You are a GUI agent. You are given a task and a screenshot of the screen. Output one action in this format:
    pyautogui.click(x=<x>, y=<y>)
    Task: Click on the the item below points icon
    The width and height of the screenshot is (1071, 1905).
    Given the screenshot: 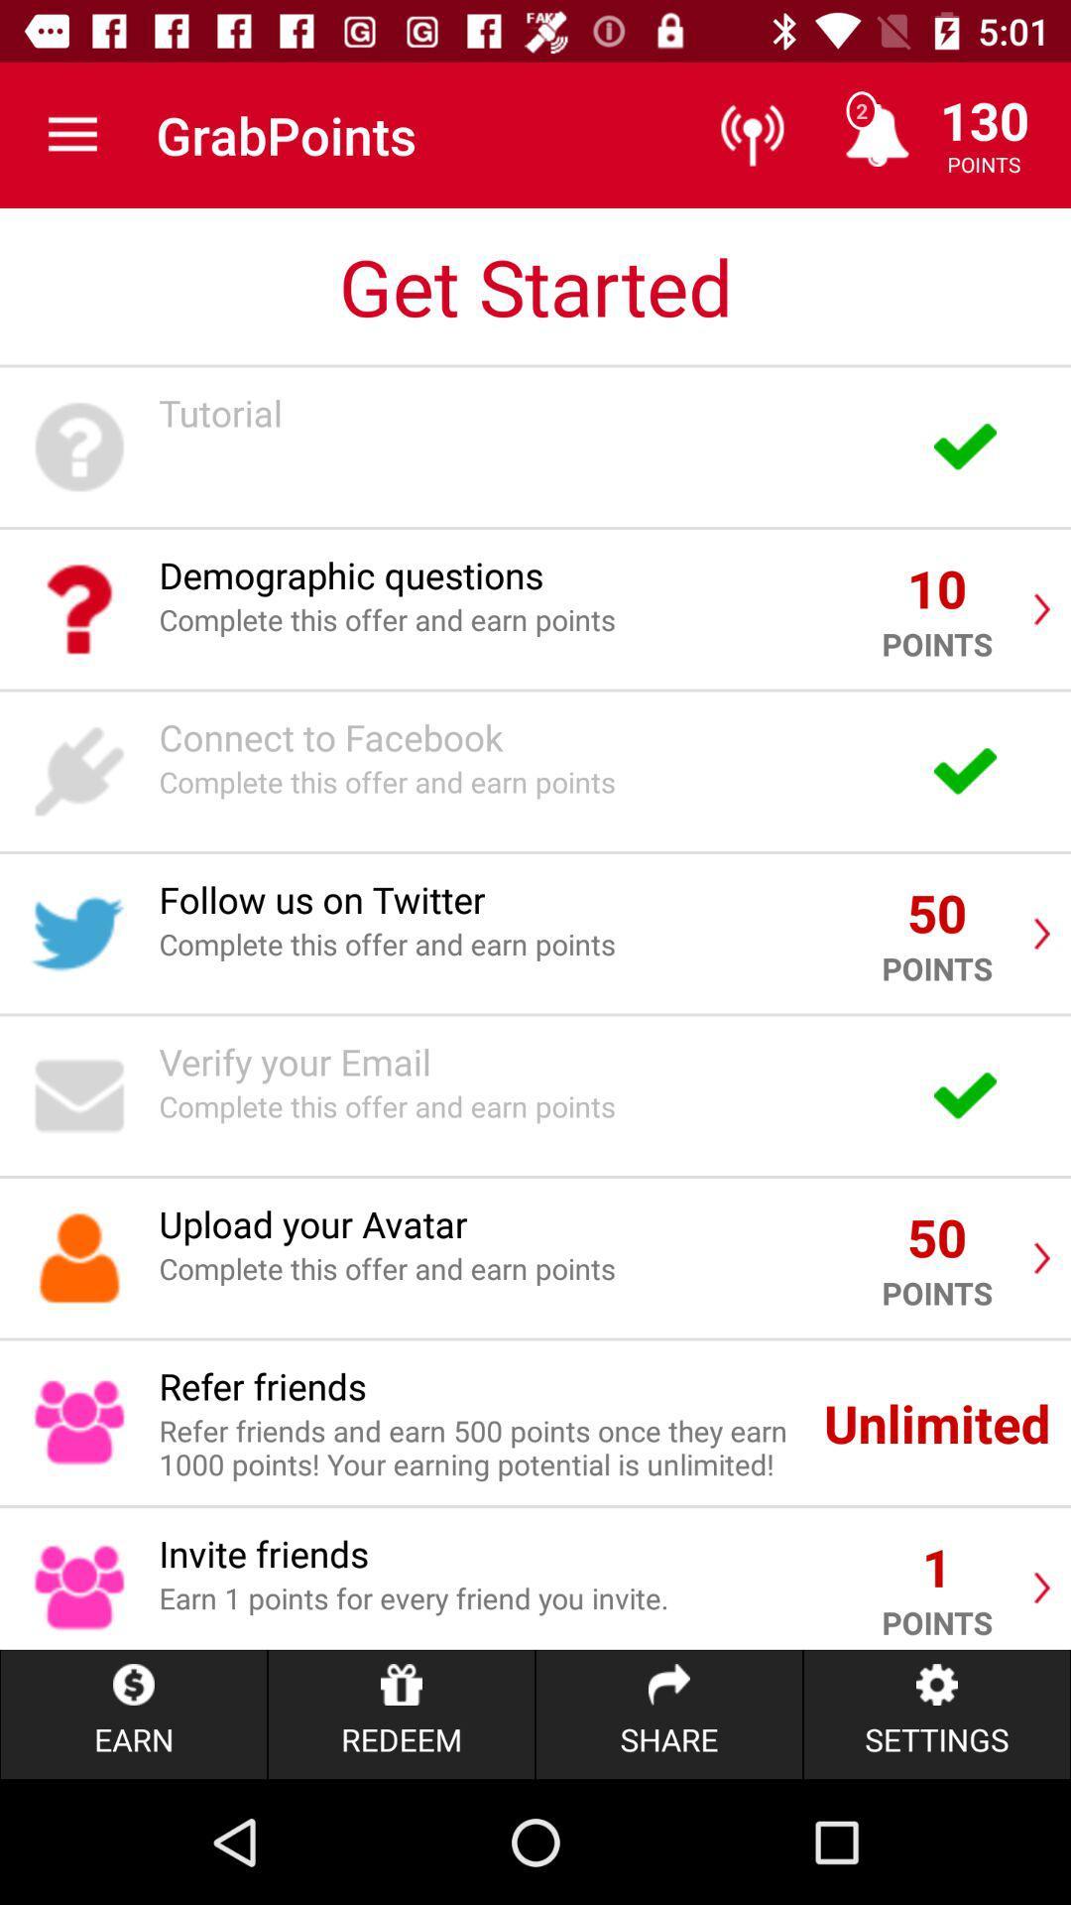 What is the action you would take?
    pyautogui.click(x=937, y=1714)
    